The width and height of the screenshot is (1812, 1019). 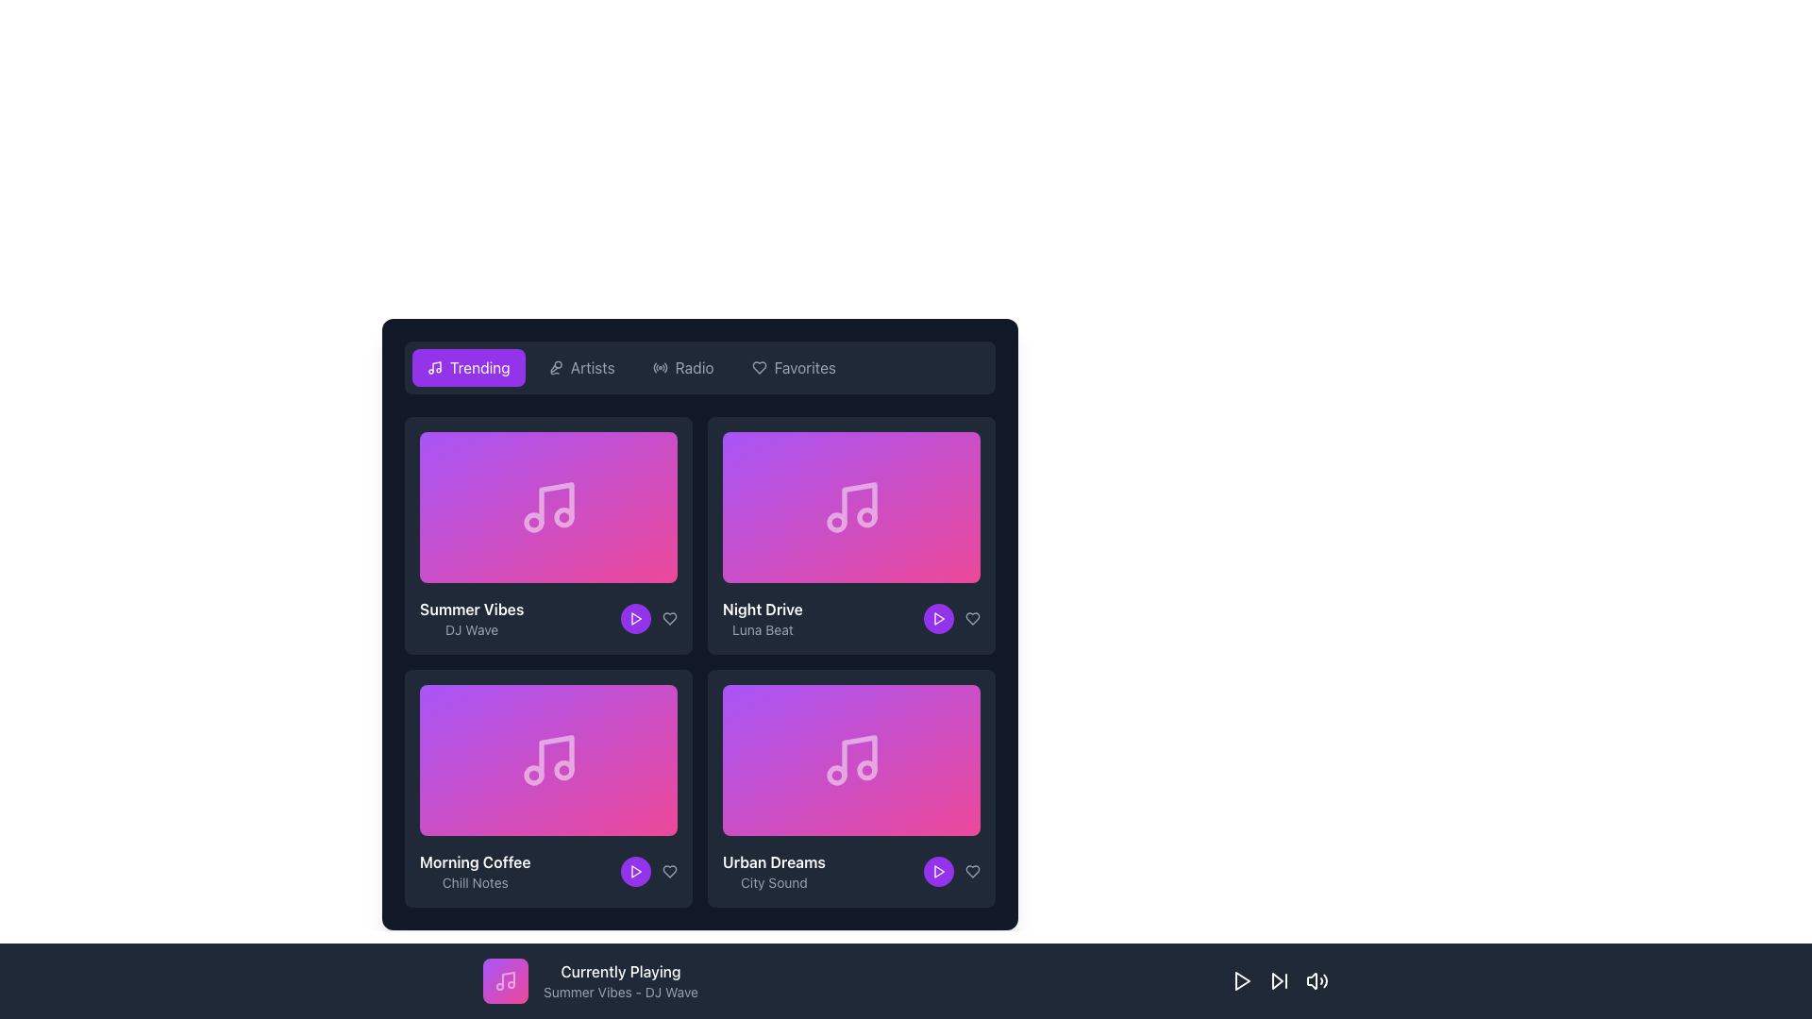 What do you see at coordinates (532, 523) in the screenshot?
I see `the leftmost circular shape of the music icon within the 'Summer Vibes' card, which is a small circular UI graphical component against a gradient pink and purple background` at bounding box center [532, 523].